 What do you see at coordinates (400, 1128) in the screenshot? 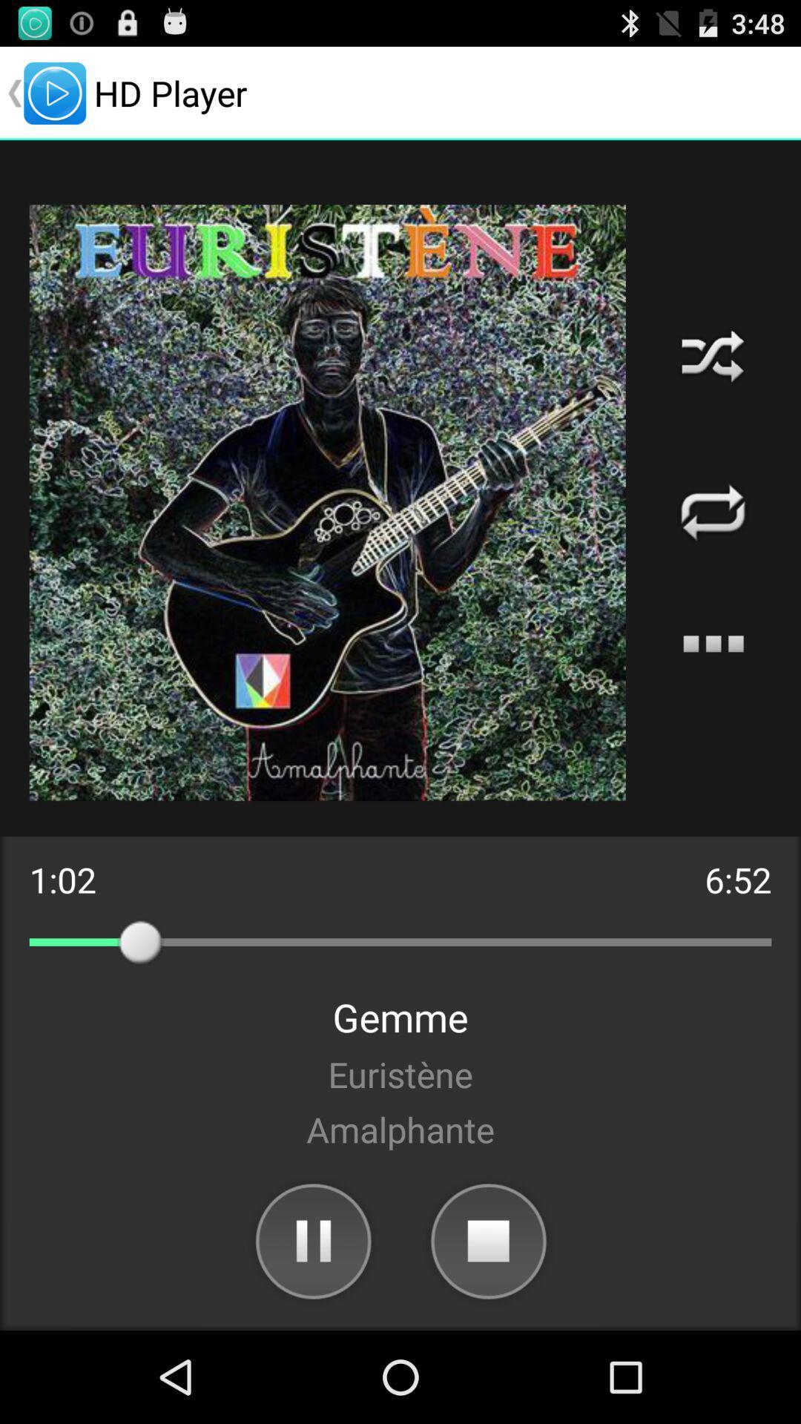
I see `amalphante app` at bounding box center [400, 1128].